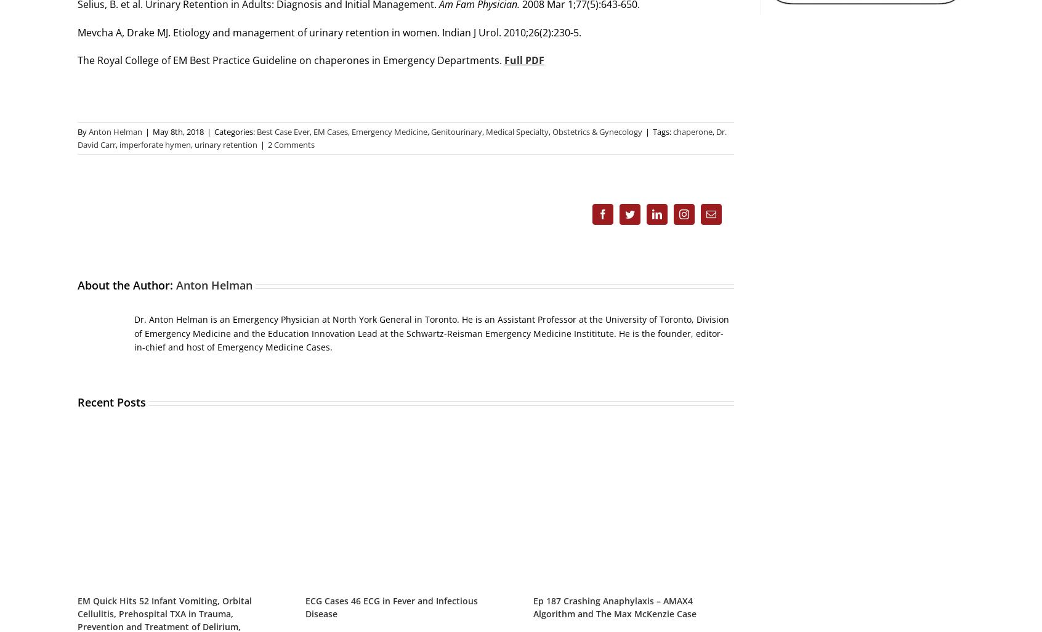 Image resolution: width=1042 pixels, height=632 pixels. I want to click on '2 Comments', so click(291, 144).